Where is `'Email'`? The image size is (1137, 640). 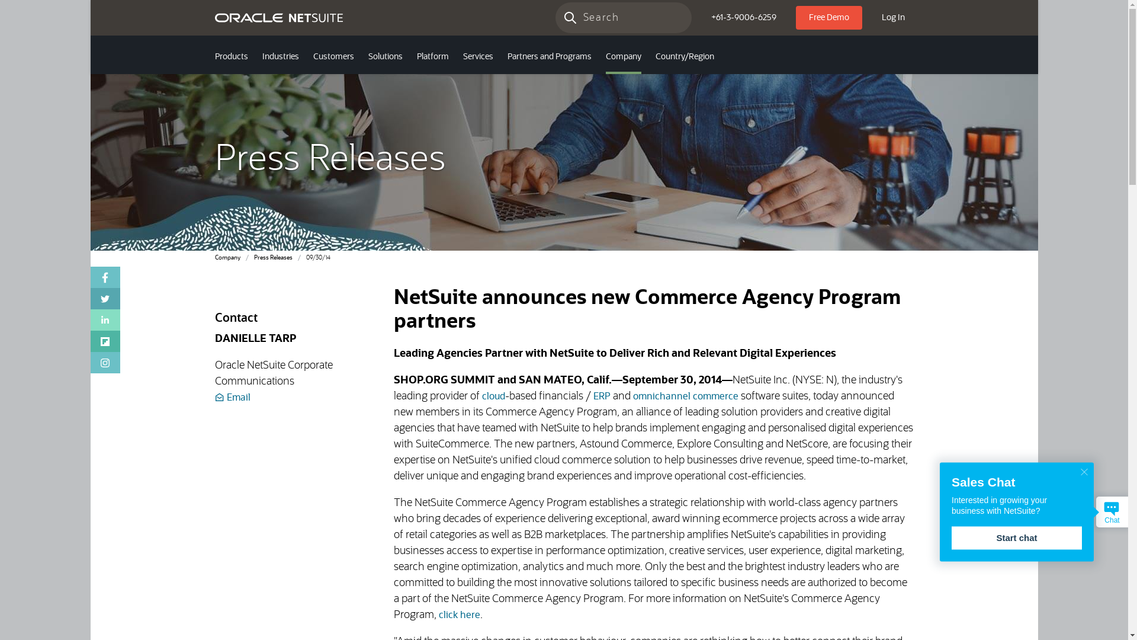 'Email' is located at coordinates (232, 398).